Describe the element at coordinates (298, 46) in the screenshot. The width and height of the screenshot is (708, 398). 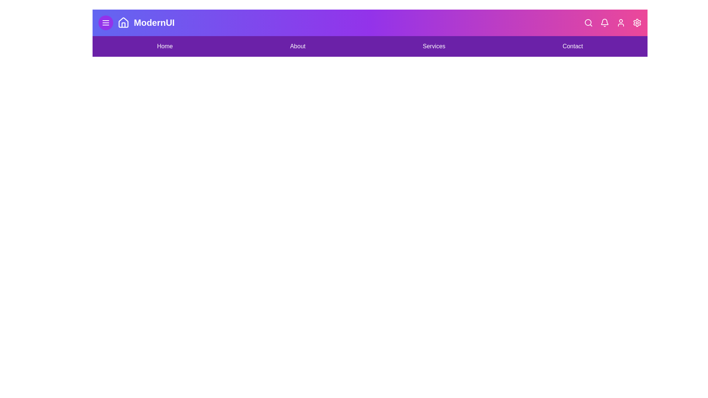
I see `the navigation link labeled About to navigate to the corresponding section` at that location.